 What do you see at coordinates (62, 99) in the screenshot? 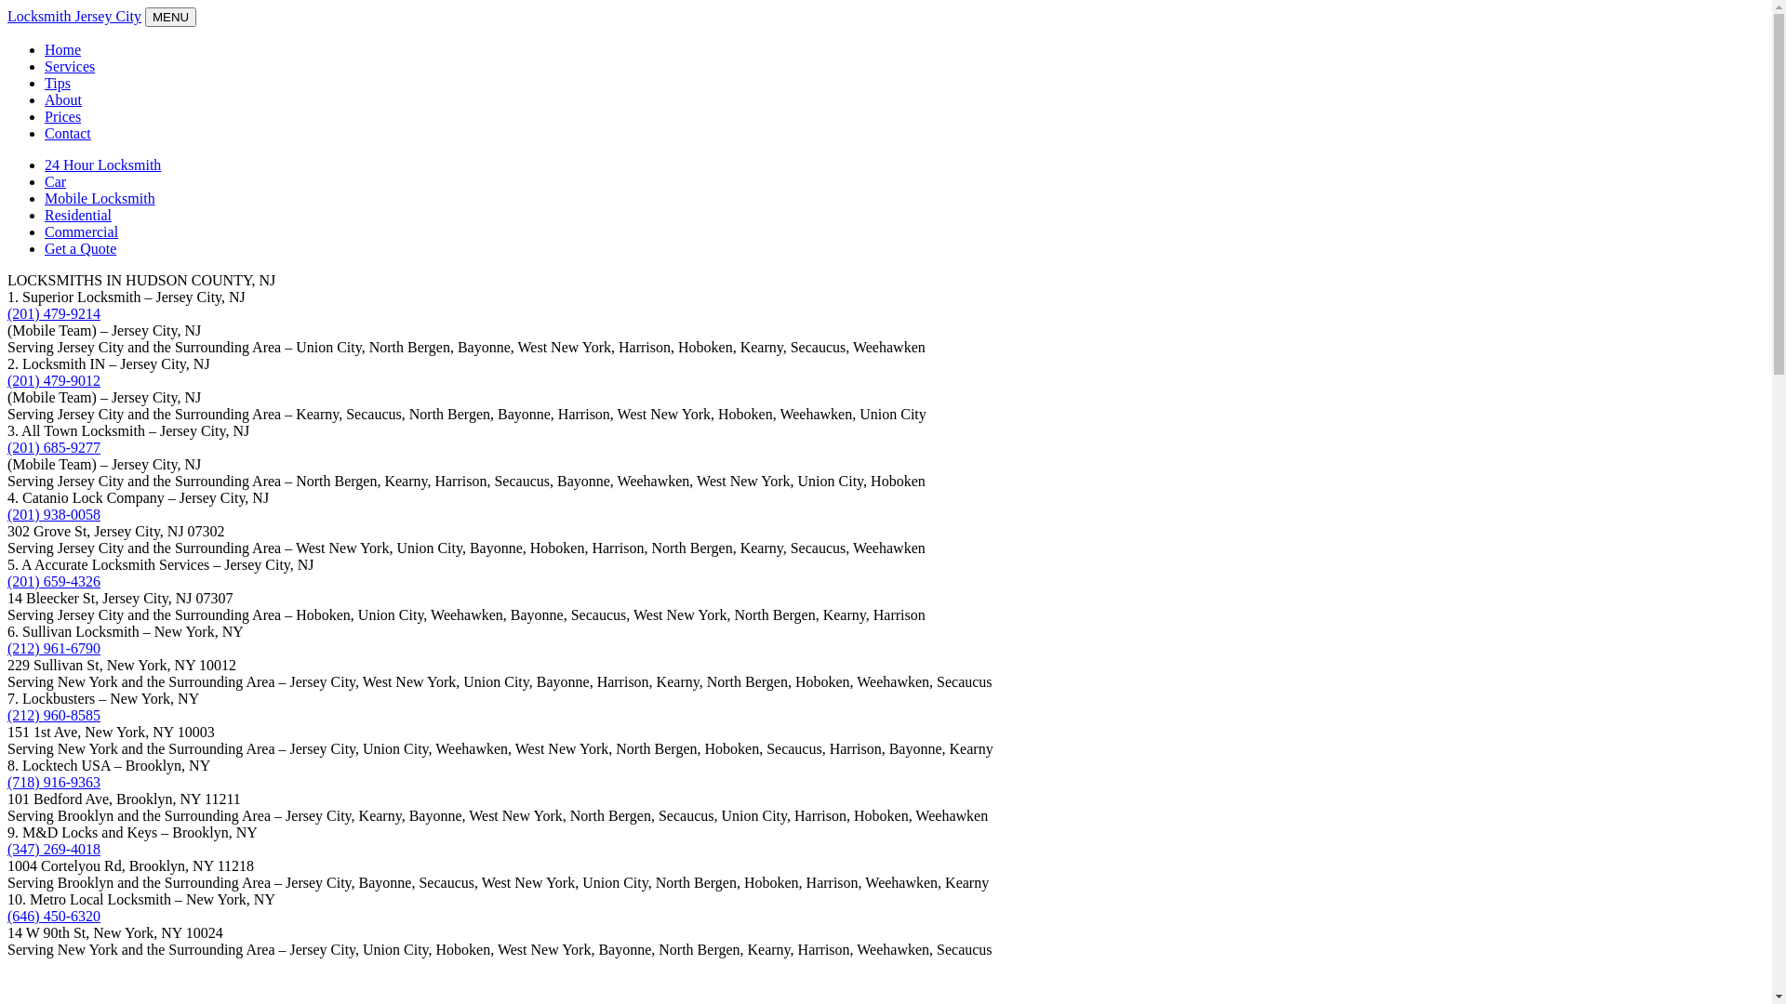
I see `'About'` at bounding box center [62, 99].